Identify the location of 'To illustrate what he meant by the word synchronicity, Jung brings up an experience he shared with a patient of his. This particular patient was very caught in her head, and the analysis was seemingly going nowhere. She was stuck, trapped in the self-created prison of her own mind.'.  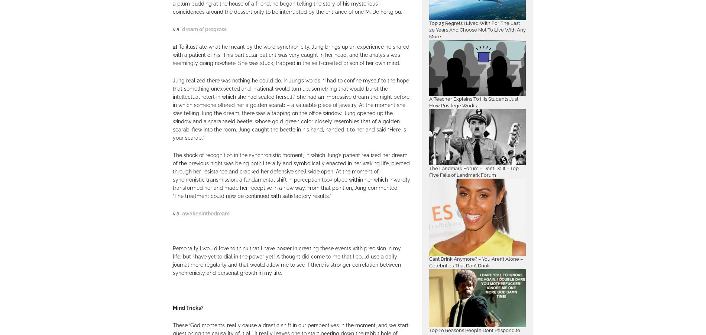
(291, 55).